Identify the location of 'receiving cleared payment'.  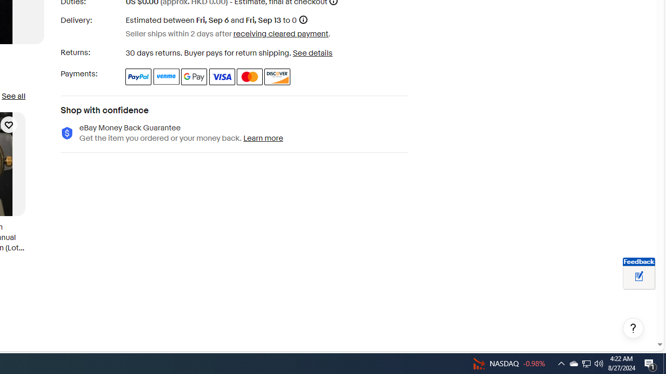
(281, 33).